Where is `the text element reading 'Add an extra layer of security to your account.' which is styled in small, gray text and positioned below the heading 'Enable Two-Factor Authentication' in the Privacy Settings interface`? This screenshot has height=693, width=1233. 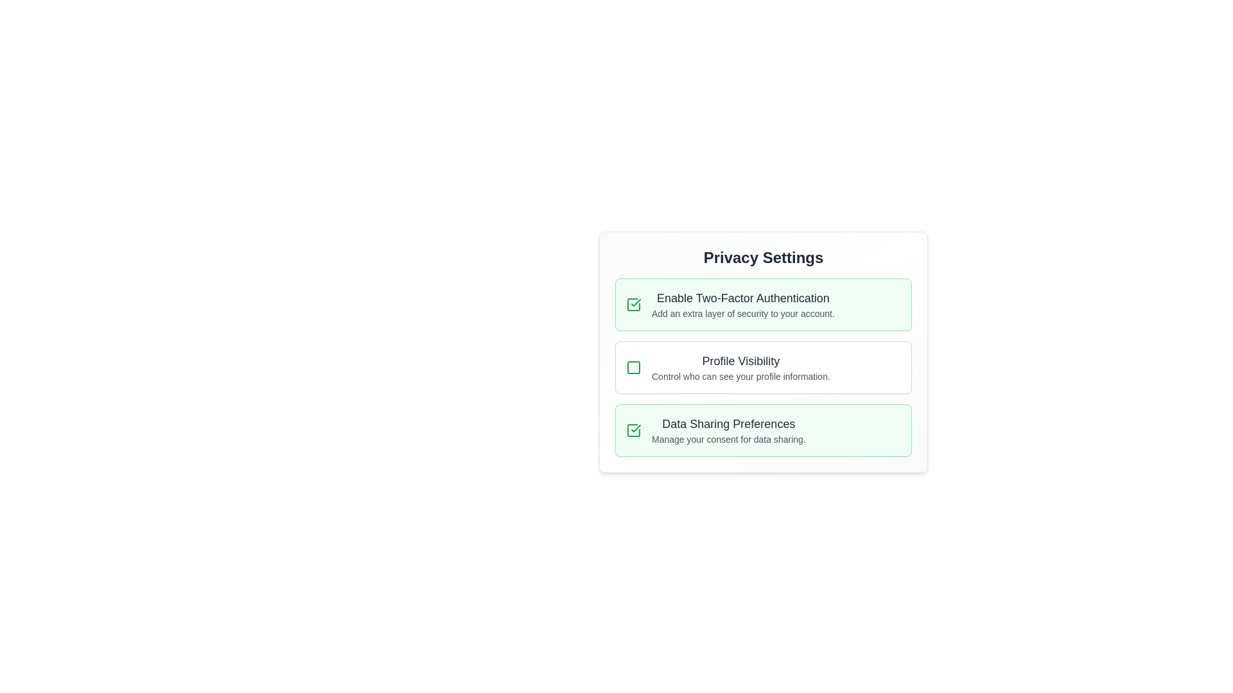 the text element reading 'Add an extra layer of security to your account.' which is styled in small, gray text and positioned below the heading 'Enable Two-Factor Authentication' in the Privacy Settings interface is located at coordinates (743, 314).